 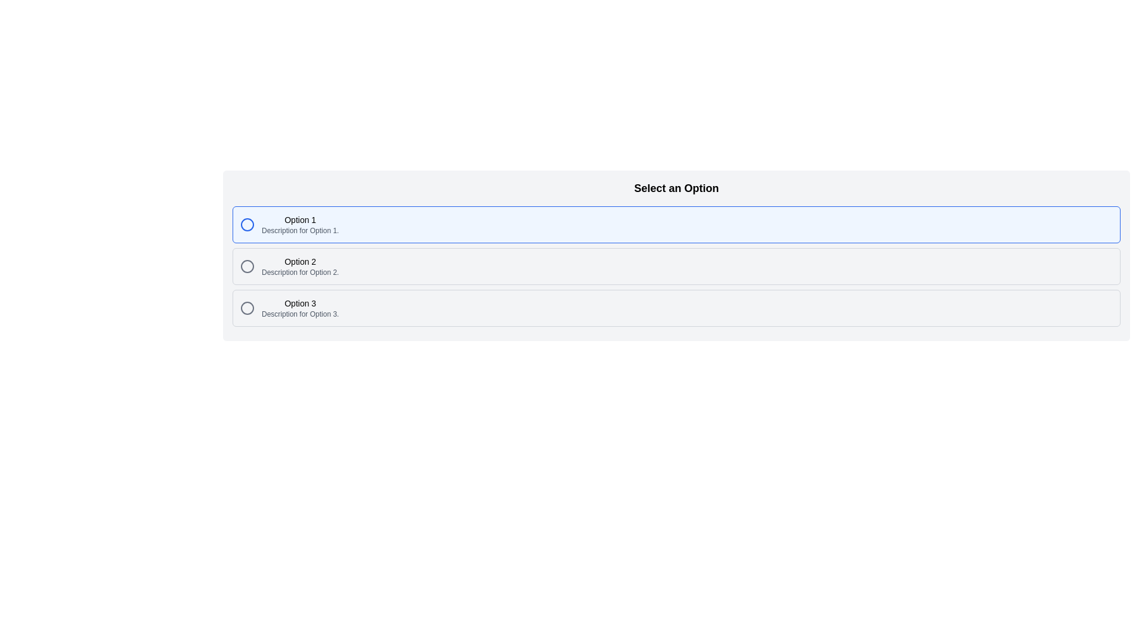 What do you see at coordinates (300, 220) in the screenshot?
I see `the text label displaying 'Option 1', which is part of a selectable option group and located above the descriptive line 'Description for Option 1.'` at bounding box center [300, 220].